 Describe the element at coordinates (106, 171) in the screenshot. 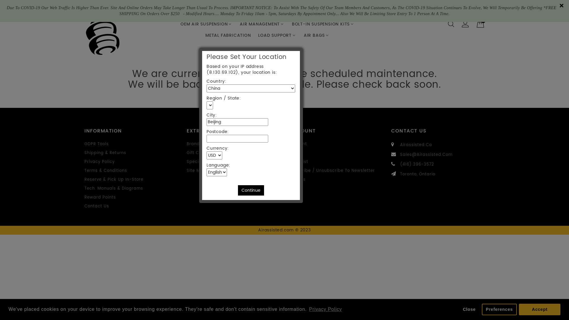

I see `'Terms & Conditions'` at that location.